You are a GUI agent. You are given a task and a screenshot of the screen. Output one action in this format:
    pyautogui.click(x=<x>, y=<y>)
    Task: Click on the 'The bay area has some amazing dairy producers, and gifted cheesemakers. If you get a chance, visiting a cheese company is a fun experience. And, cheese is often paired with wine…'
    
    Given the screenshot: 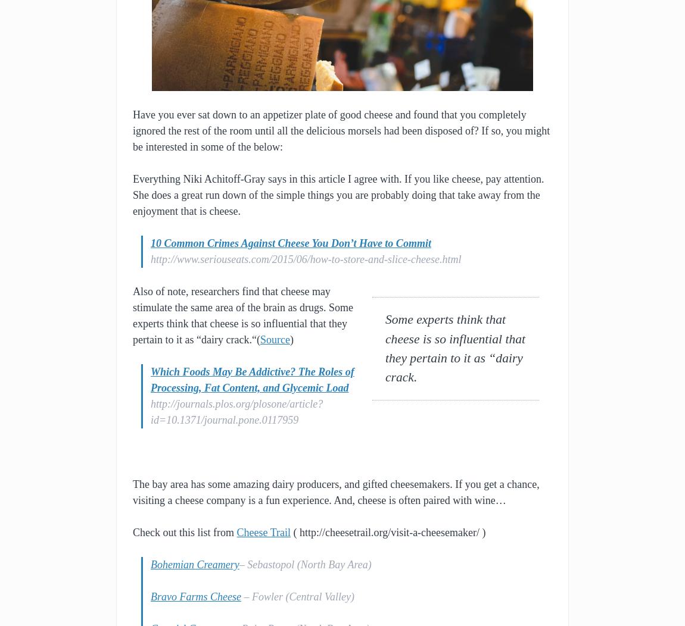 What is the action you would take?
    pyautogui.click(x=335, y=492)
    